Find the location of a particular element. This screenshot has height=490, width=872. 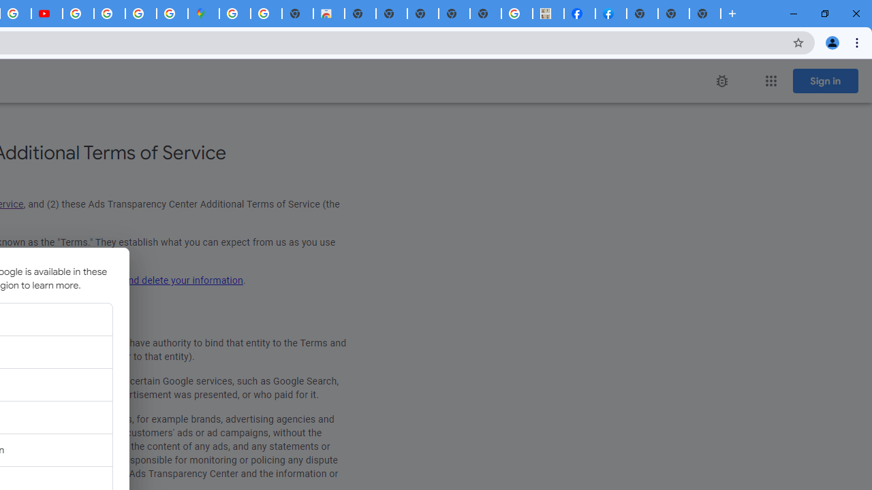

'Miley Cyrus | Facebook' is located at coordinates (580, 14).